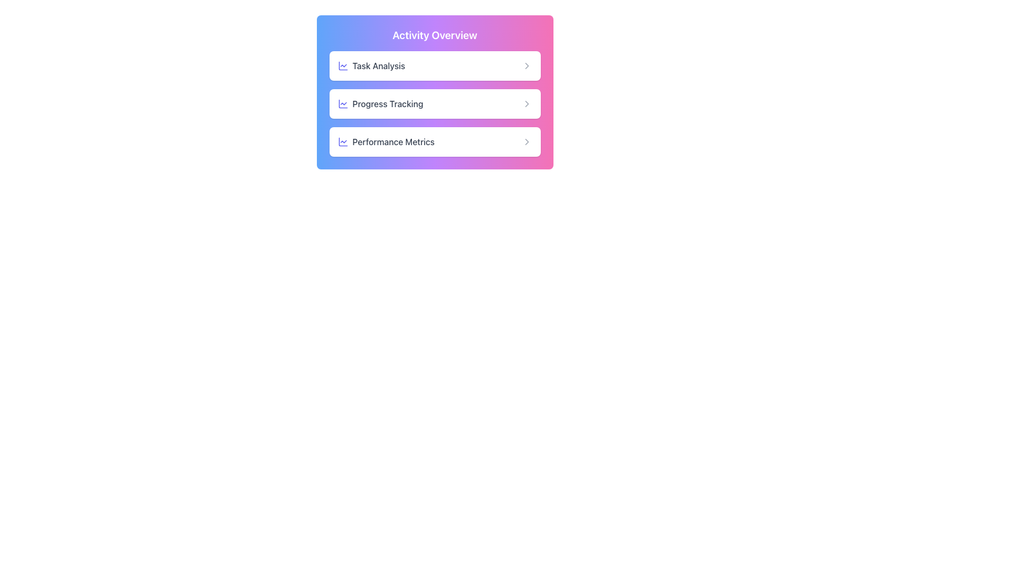  What do you see at coordinates (435, 141) in the screenshot?
I see `the navigation button leading to the 'Performance Metrics' section, which is located at the bottom of a vertical stack beneath 'Task Analysis' and 'Progress Tracking'` at bounding box center [435, 141].